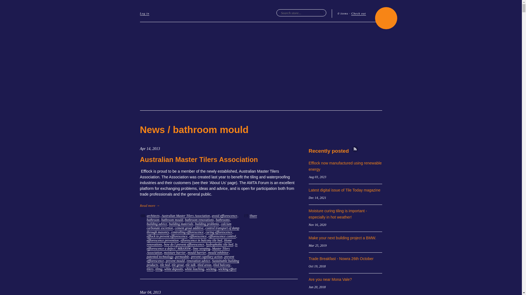  Describe the element at coordinates (227, 269) in the screenshot. I see `'wicking effect'` at that location.